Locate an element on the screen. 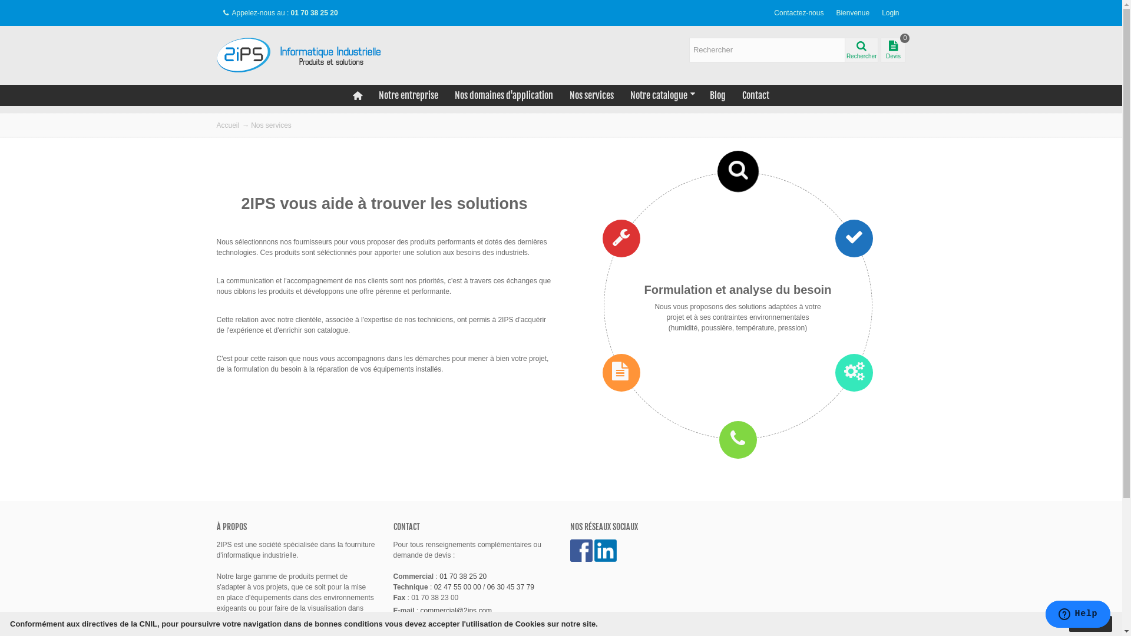  'Contact' is located at coordinates (755, 95).